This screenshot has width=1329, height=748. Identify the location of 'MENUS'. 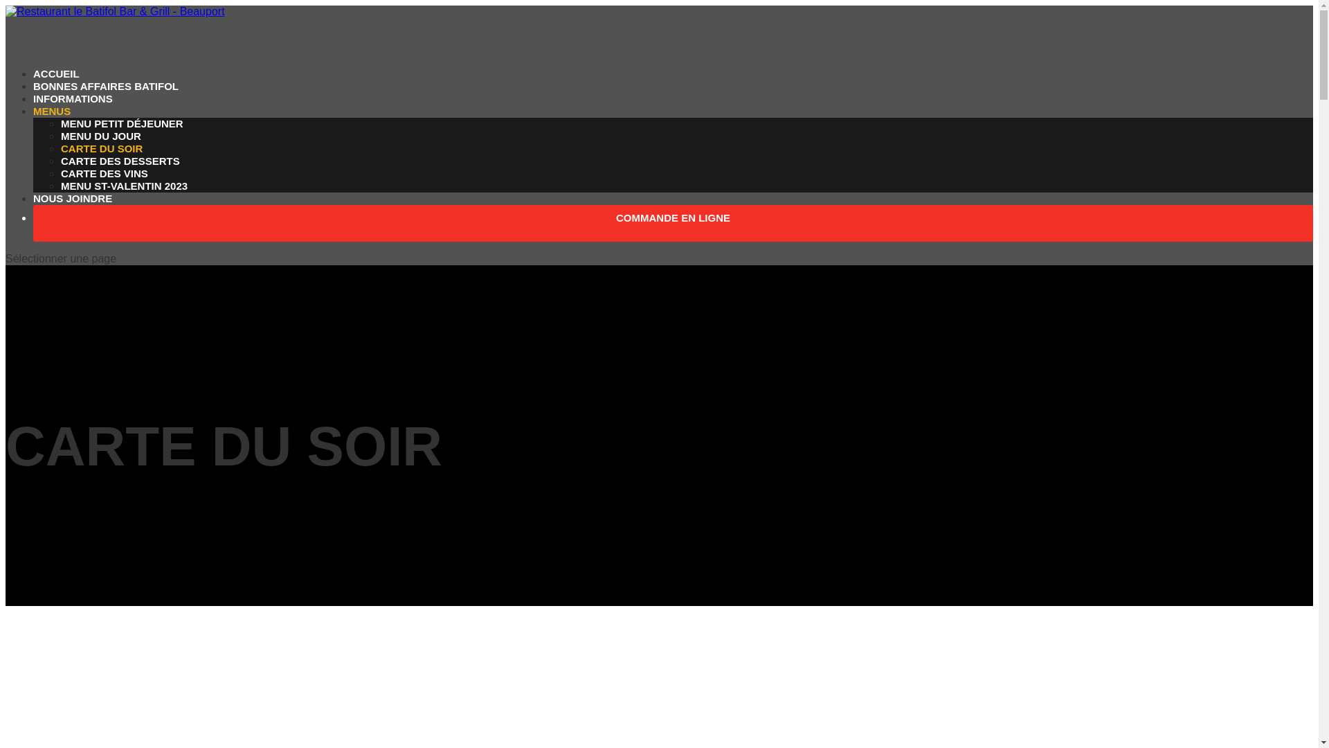
(52, 130).